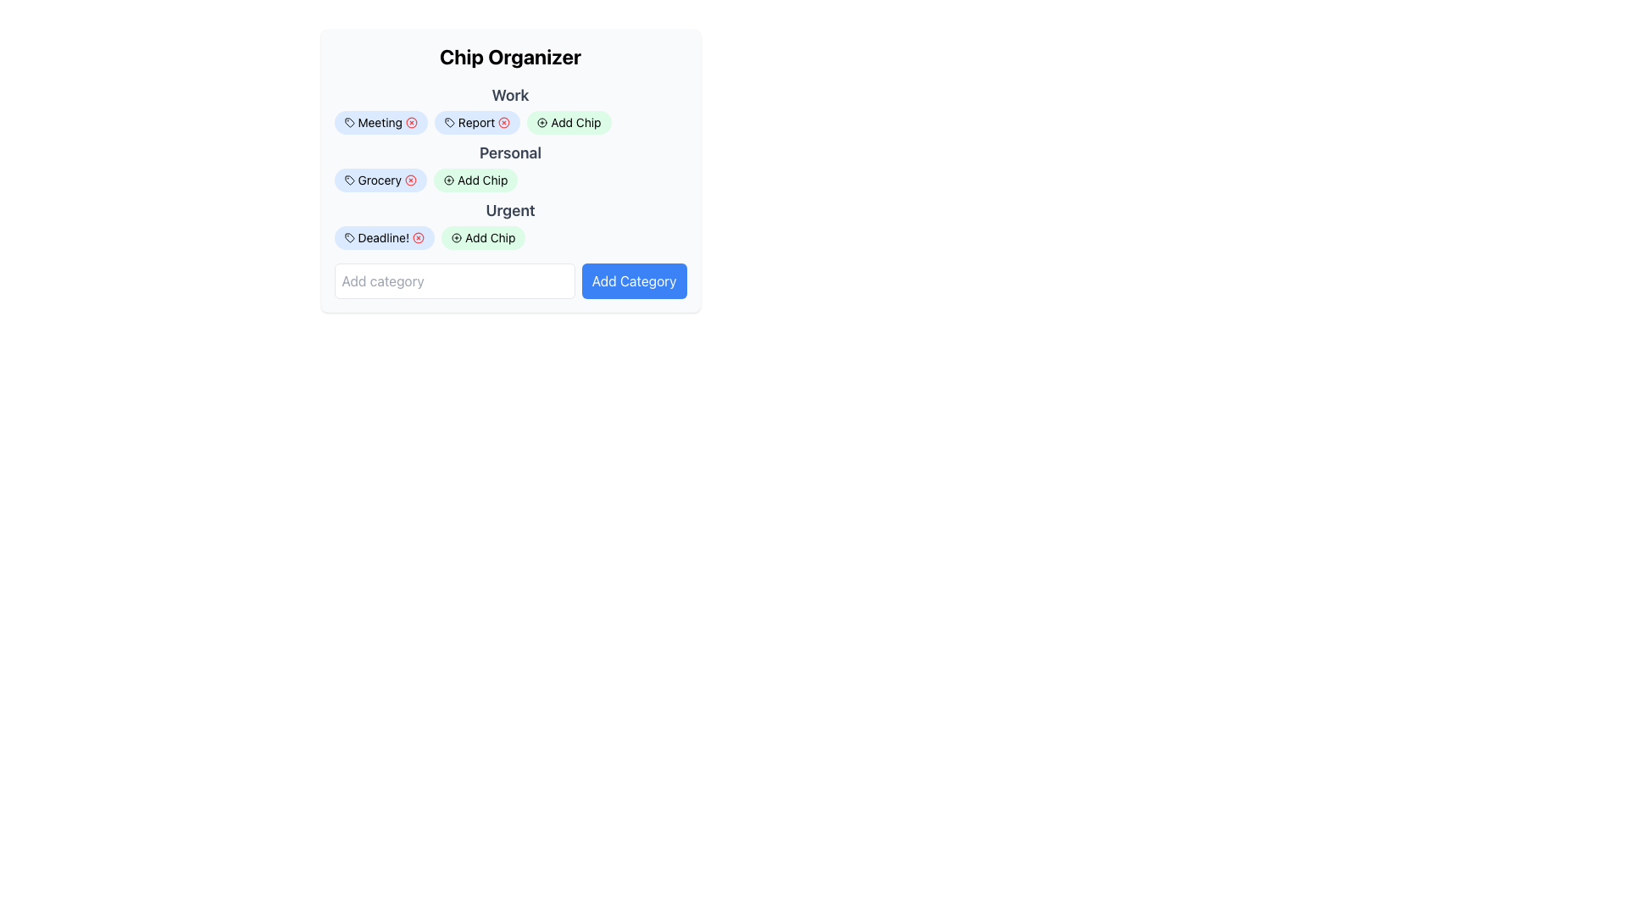  What do you see at coordinates (457, 238) in the screenshot?
I see `the circular border of the 'Add Chip' button under the 'Urgent' category, which is represented by an SVG circle element with no fill and a stroke of a fixed color` at bounding box center [457, 238].